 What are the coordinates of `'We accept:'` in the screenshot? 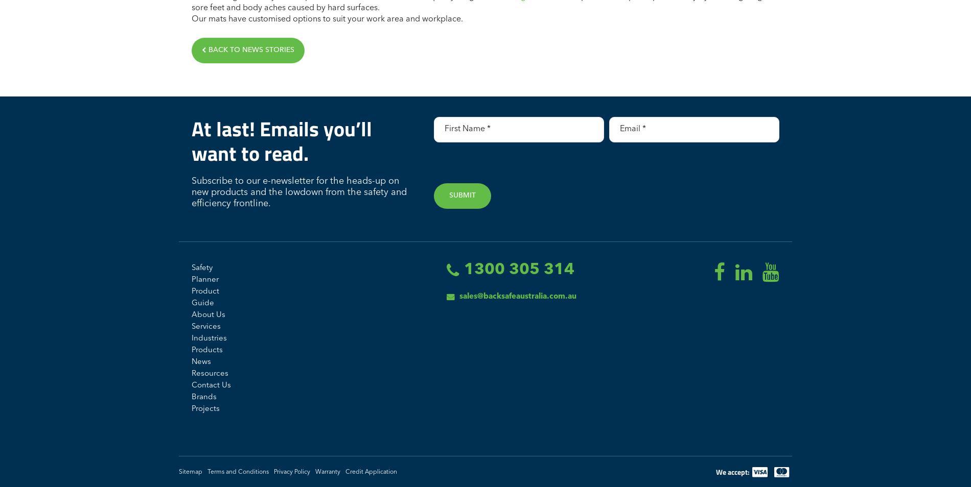 It's located at (732, 471).